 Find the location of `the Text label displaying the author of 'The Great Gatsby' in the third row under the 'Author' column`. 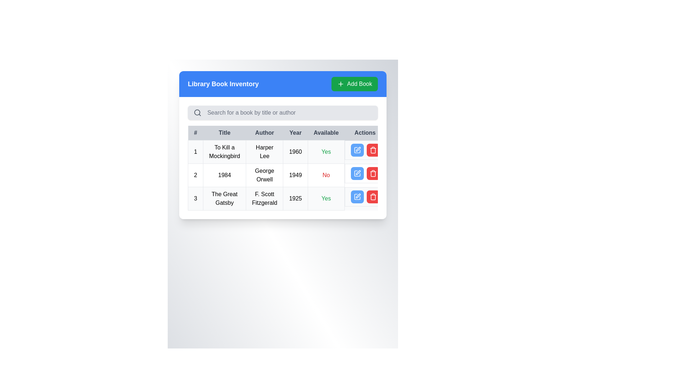

the Text label displaying the author of 'The Great Gatsby' in the third row under the 'Author' column is located at coordinates (264, 198).